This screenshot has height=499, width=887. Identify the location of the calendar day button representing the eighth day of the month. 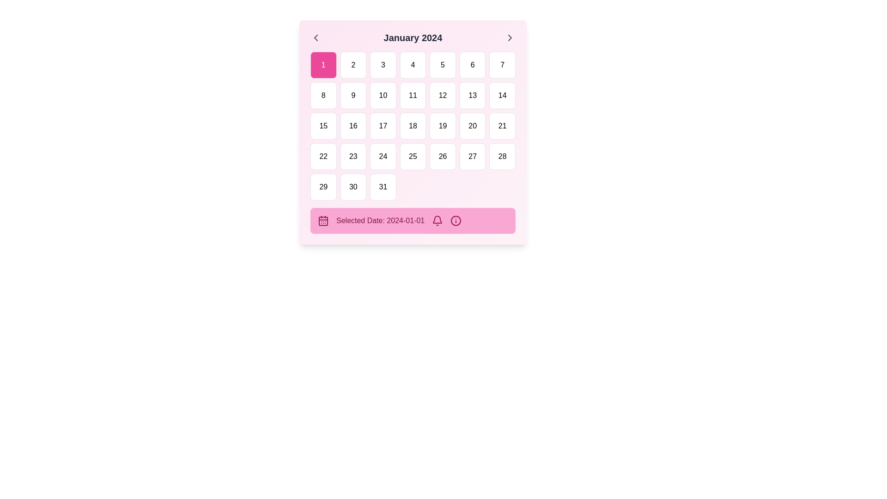
(323, 96).